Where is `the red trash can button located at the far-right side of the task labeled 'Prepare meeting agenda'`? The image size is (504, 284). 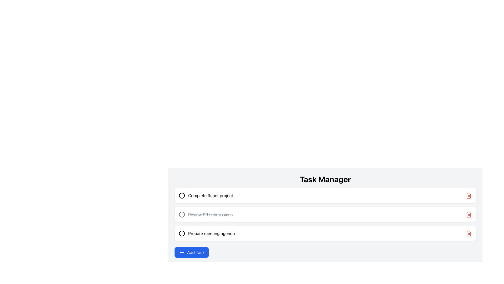 the red trash can button located at the far-right side of the task labeled 'Prepare meeting agenda' is located at coordinates (469, 233).